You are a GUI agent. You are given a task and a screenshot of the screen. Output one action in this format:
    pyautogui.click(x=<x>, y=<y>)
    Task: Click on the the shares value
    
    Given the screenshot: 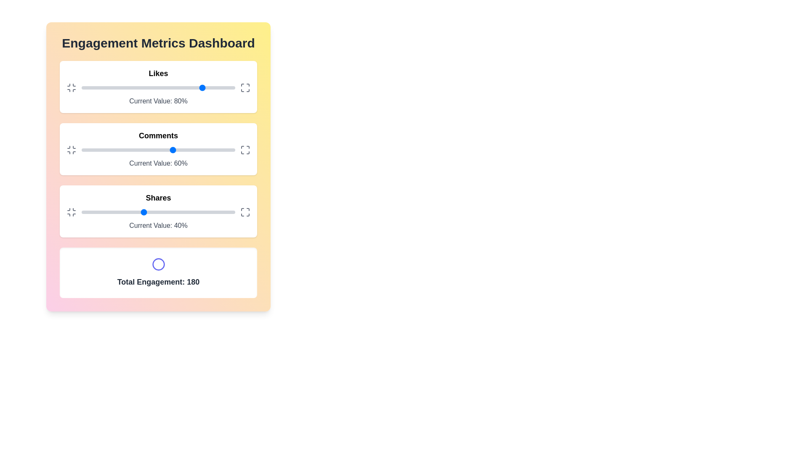 What is the action you would take?
    pyautogui.click(x=182, y=212)
    